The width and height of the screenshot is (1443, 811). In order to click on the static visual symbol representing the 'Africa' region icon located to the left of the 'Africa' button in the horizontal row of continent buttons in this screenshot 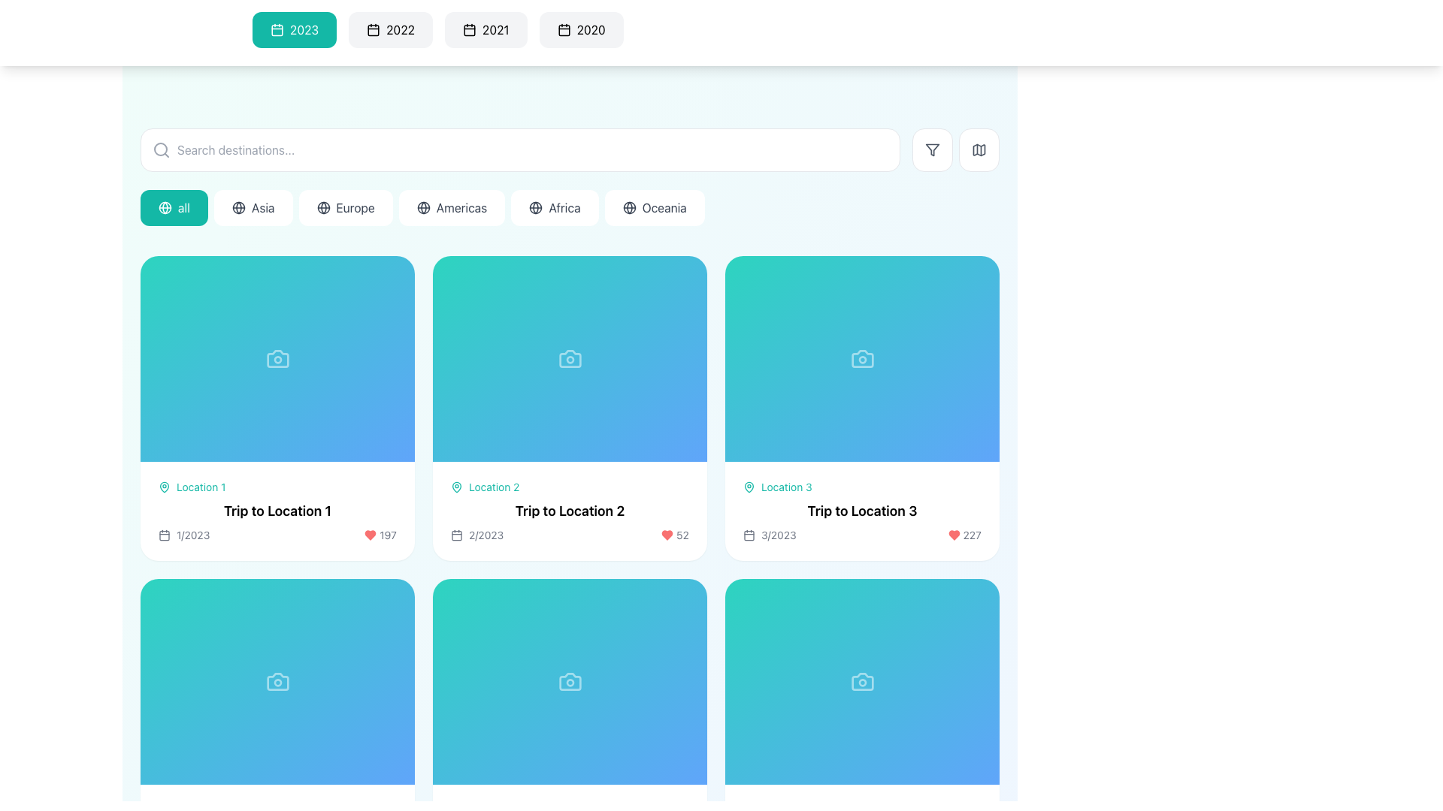, I will do `click(536, 208)`.